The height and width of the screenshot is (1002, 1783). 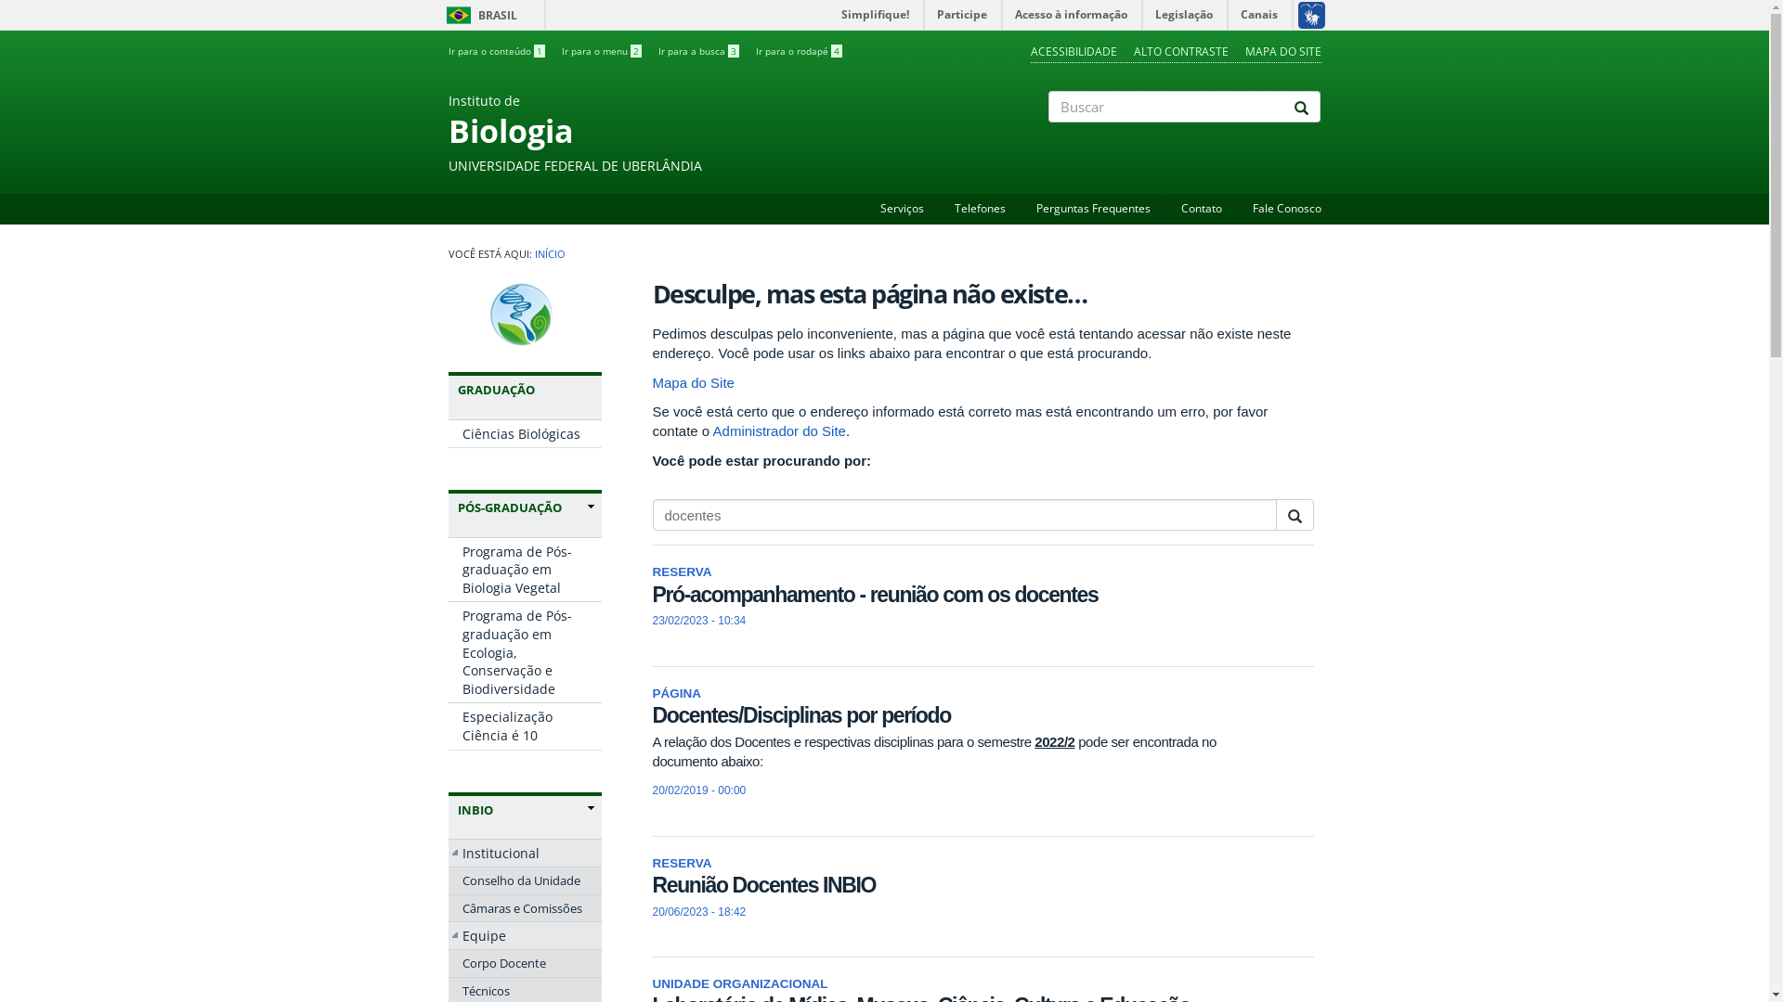 What do you see at coordinates (954, 208) in the screenshot?
I see `'Telefones'` at bounding box center [954, 208].